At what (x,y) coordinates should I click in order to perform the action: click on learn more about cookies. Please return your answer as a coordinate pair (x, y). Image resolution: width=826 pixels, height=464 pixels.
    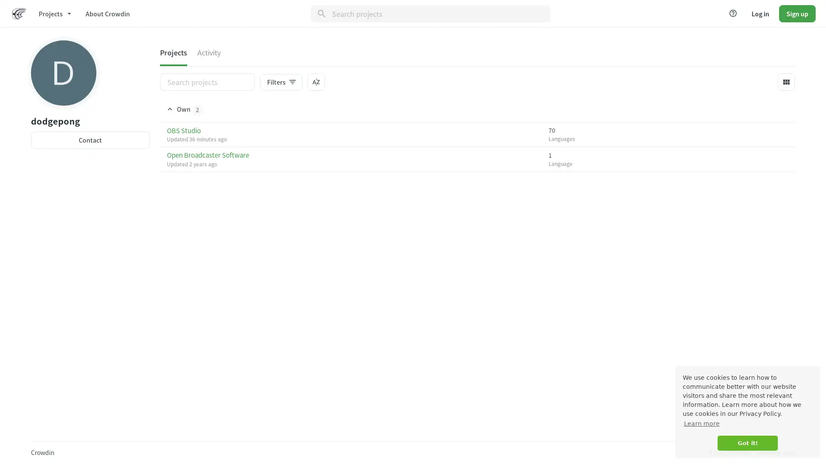
    Looking at the image, I should click on (701, 423).